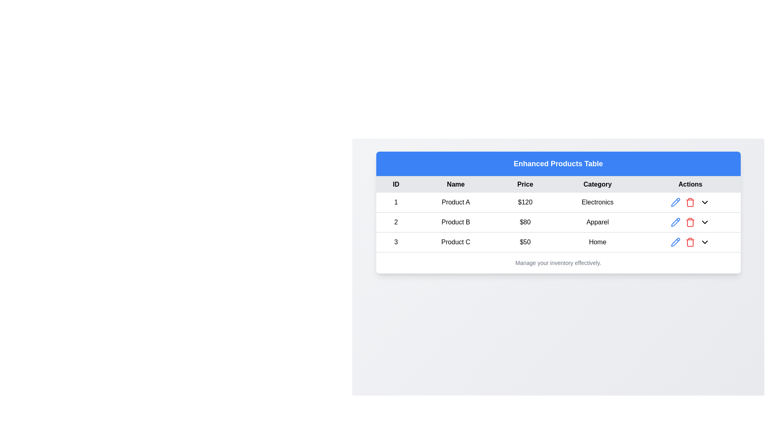 The width and height of the screenshot is (781, 439). What do you see at coordinates (704, 222) in the screenshot?
I see `the dropdown control` at bounding box center [704, 222].